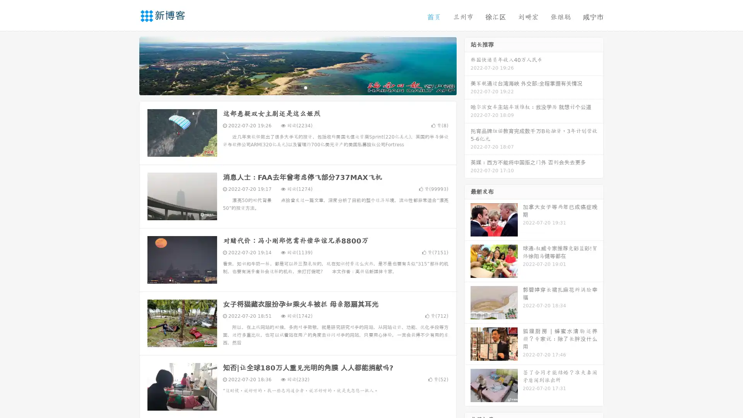 The image size is (743, 418). What do you see at coordinates (305, 87) in the screenshot?
I see `Go to slide 3` at bounding box center [305, 87].